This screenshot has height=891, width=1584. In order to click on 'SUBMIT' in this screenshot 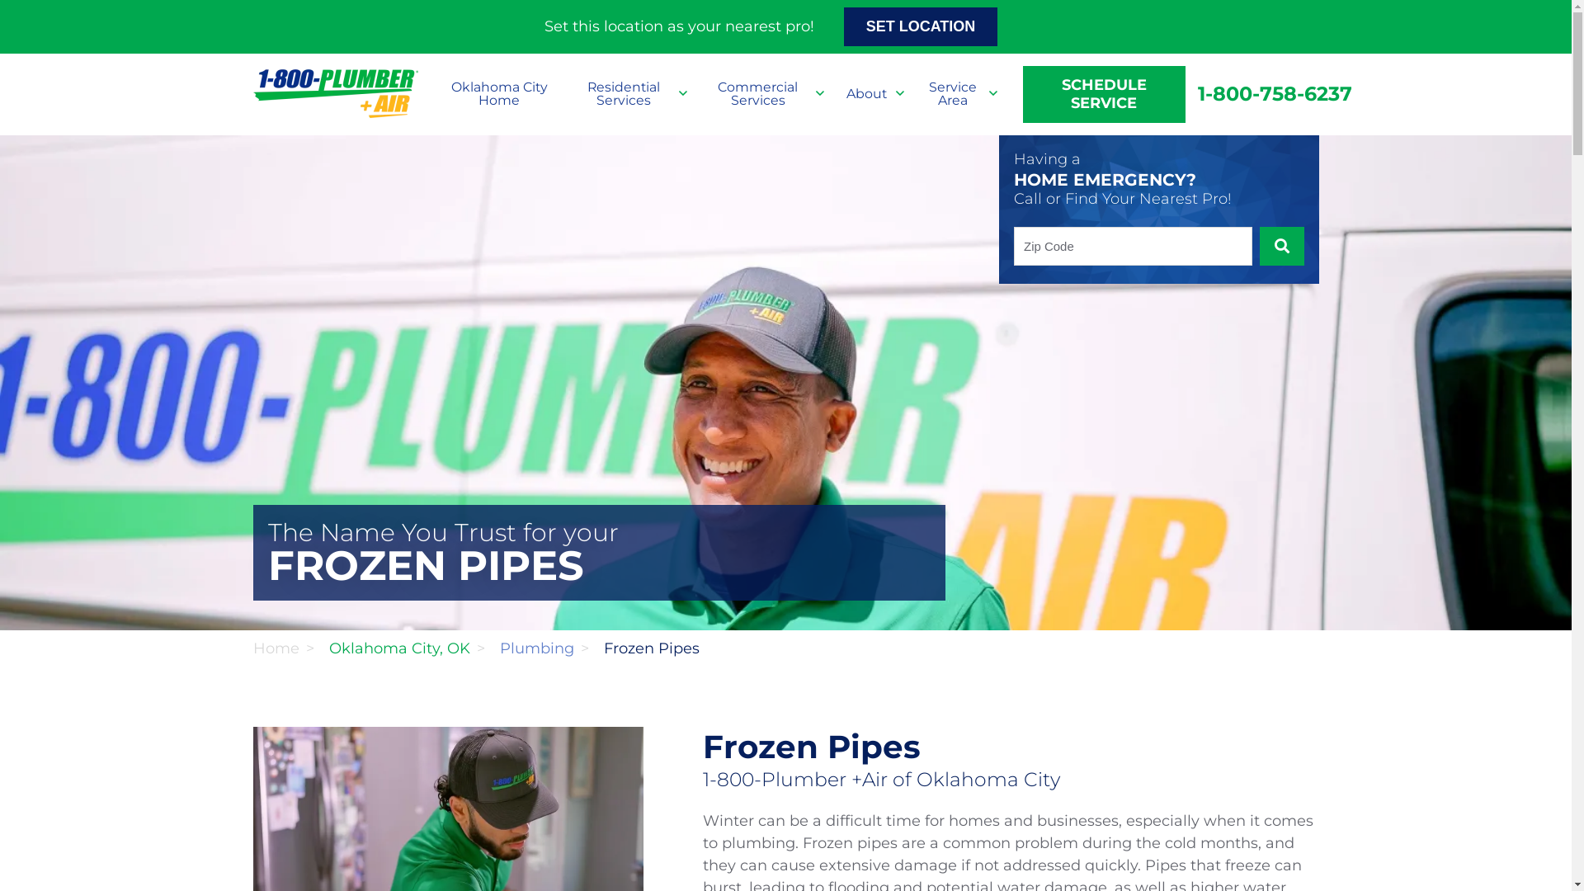, I will do `click(1258, 246)`.